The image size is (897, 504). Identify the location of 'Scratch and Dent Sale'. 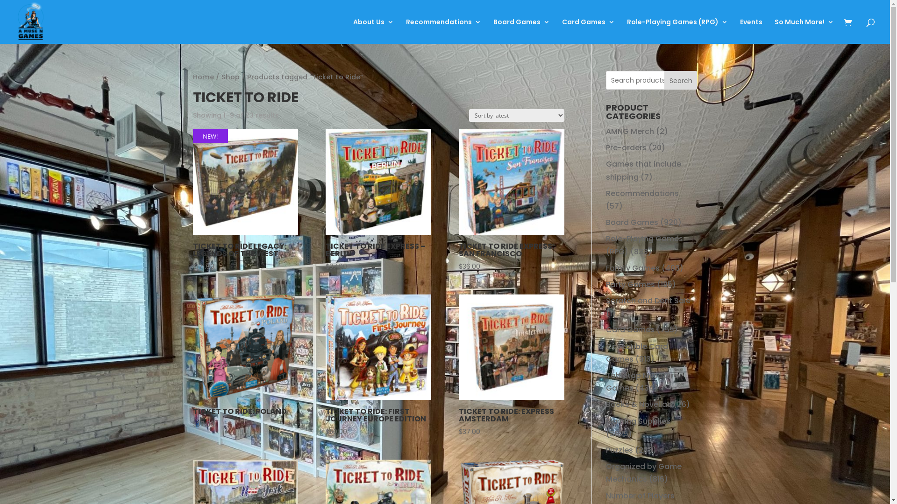
(648, 301).